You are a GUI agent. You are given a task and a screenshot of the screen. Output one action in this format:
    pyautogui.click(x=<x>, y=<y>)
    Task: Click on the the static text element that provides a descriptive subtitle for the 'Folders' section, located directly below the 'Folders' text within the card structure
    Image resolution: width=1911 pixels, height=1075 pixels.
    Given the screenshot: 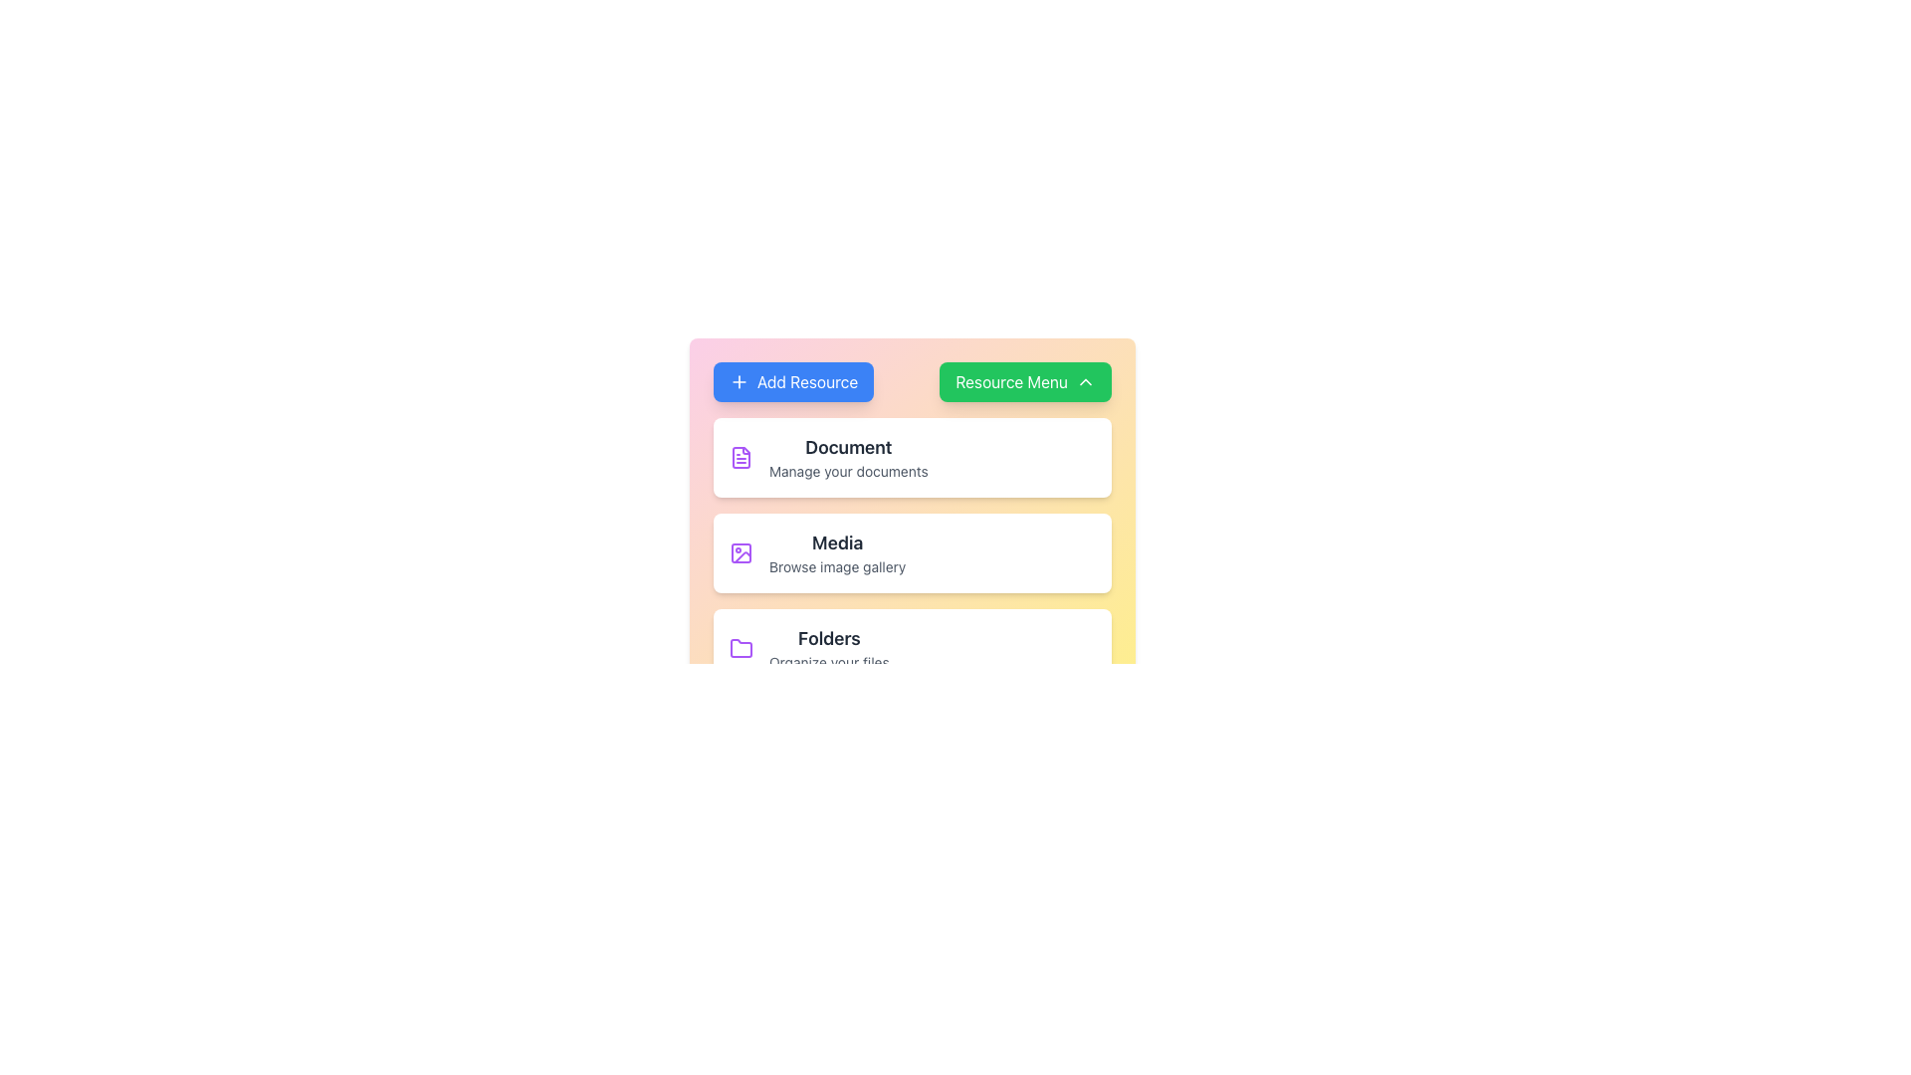 What is the action you would take?
    pyautogui.click(x=829, y=663)
    